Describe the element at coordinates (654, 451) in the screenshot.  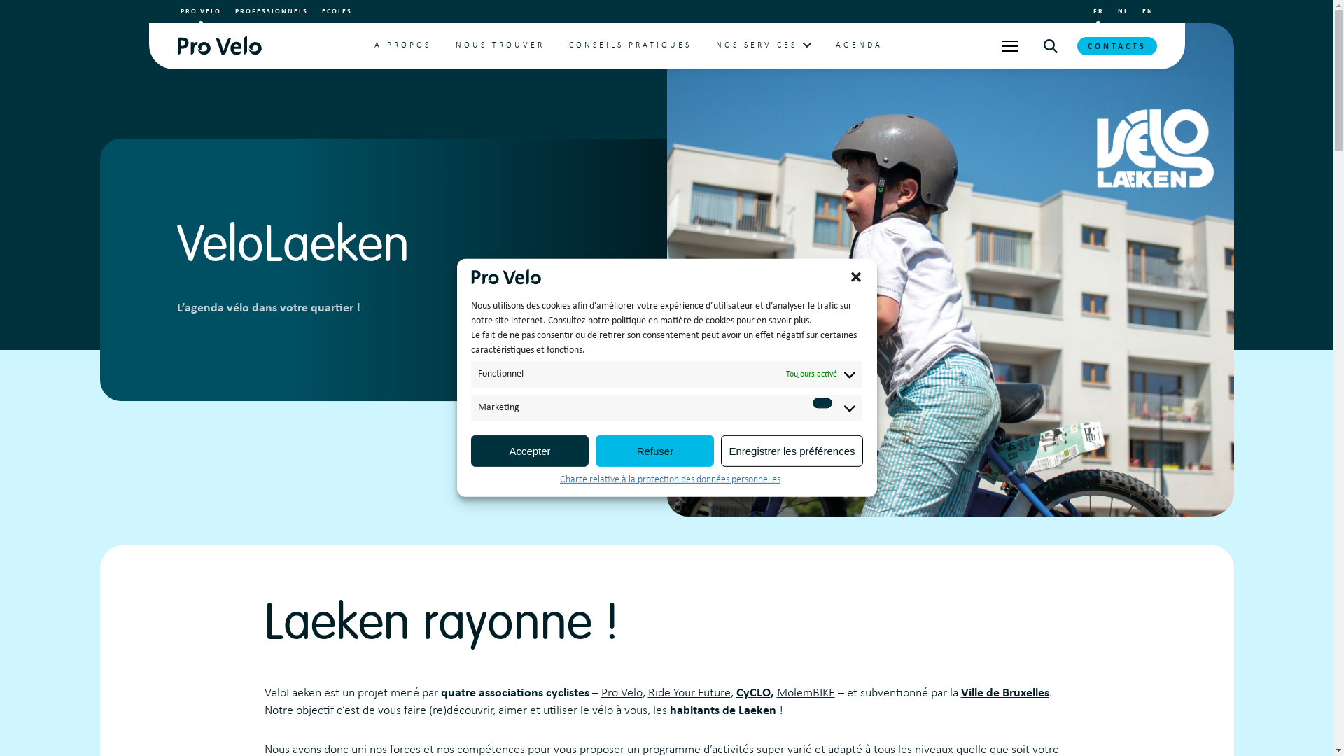
I see `'Refuser'` at that location.